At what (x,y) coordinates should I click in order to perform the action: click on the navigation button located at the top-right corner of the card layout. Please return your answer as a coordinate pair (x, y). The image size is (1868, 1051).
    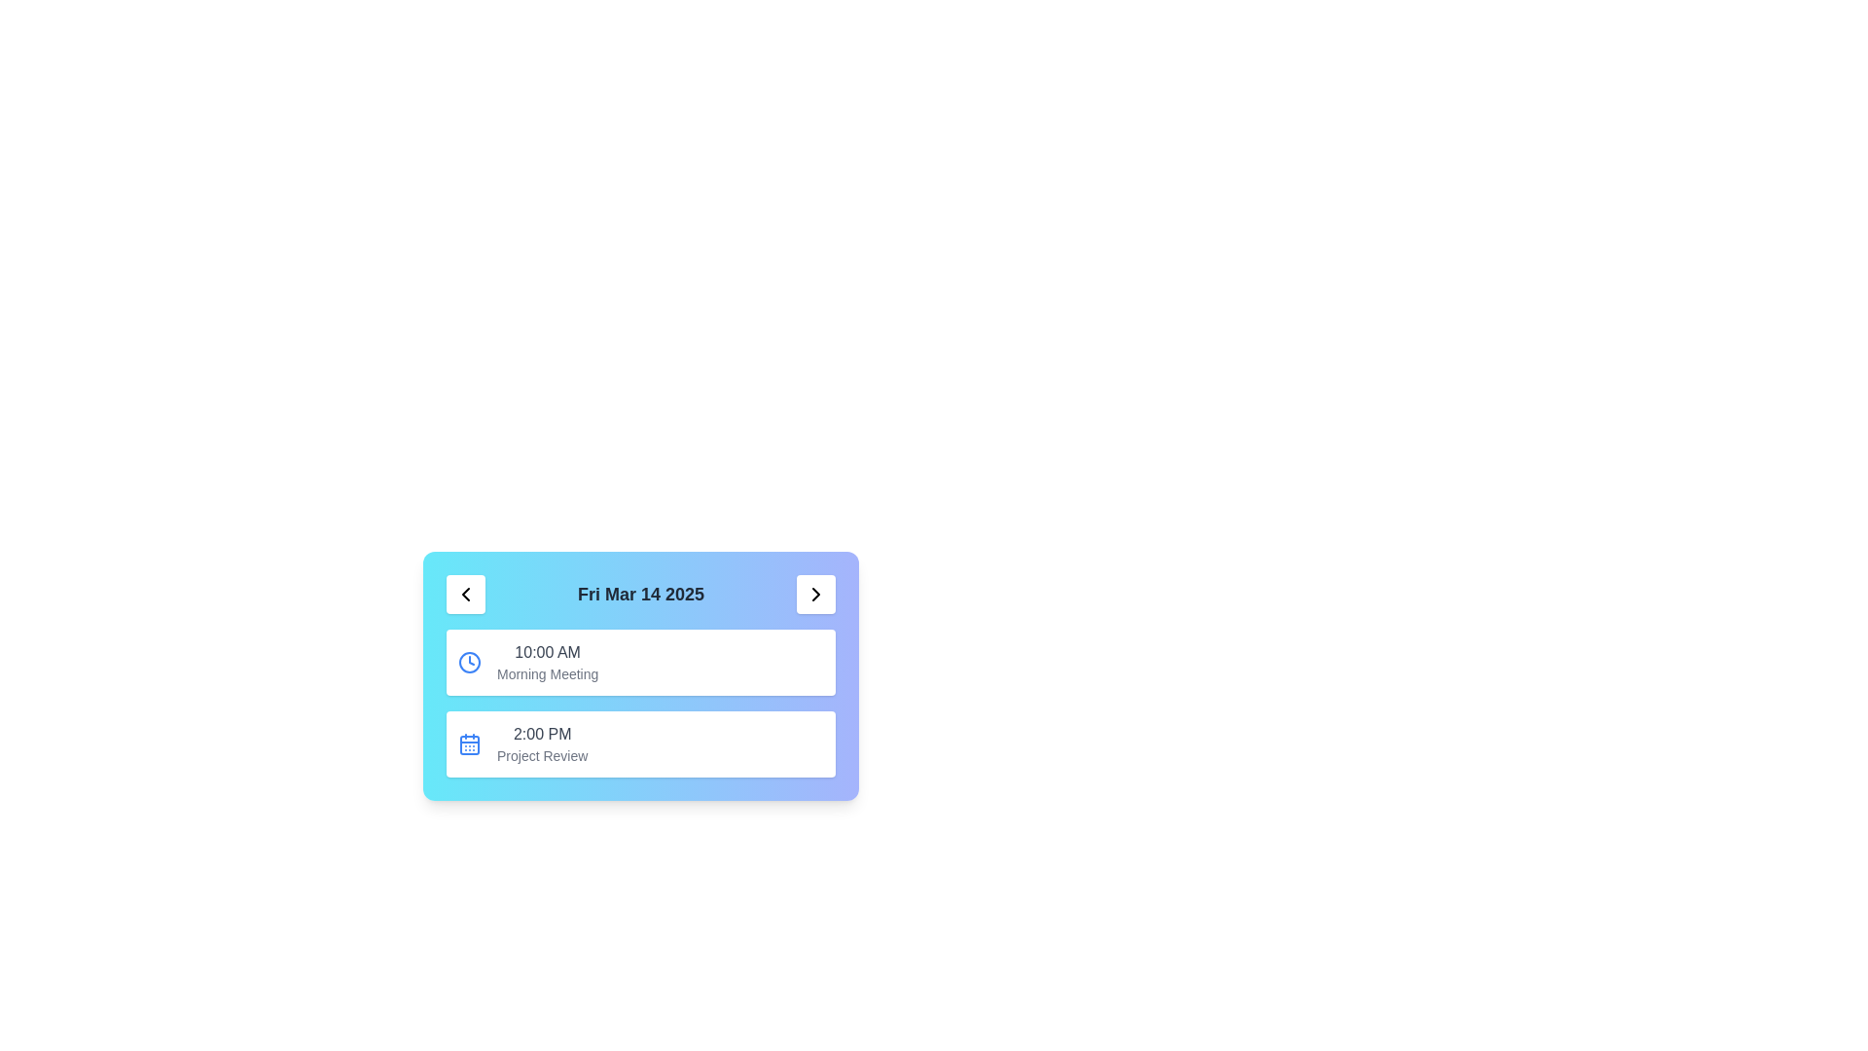
    Looking at the image, I should click on (816, 593).